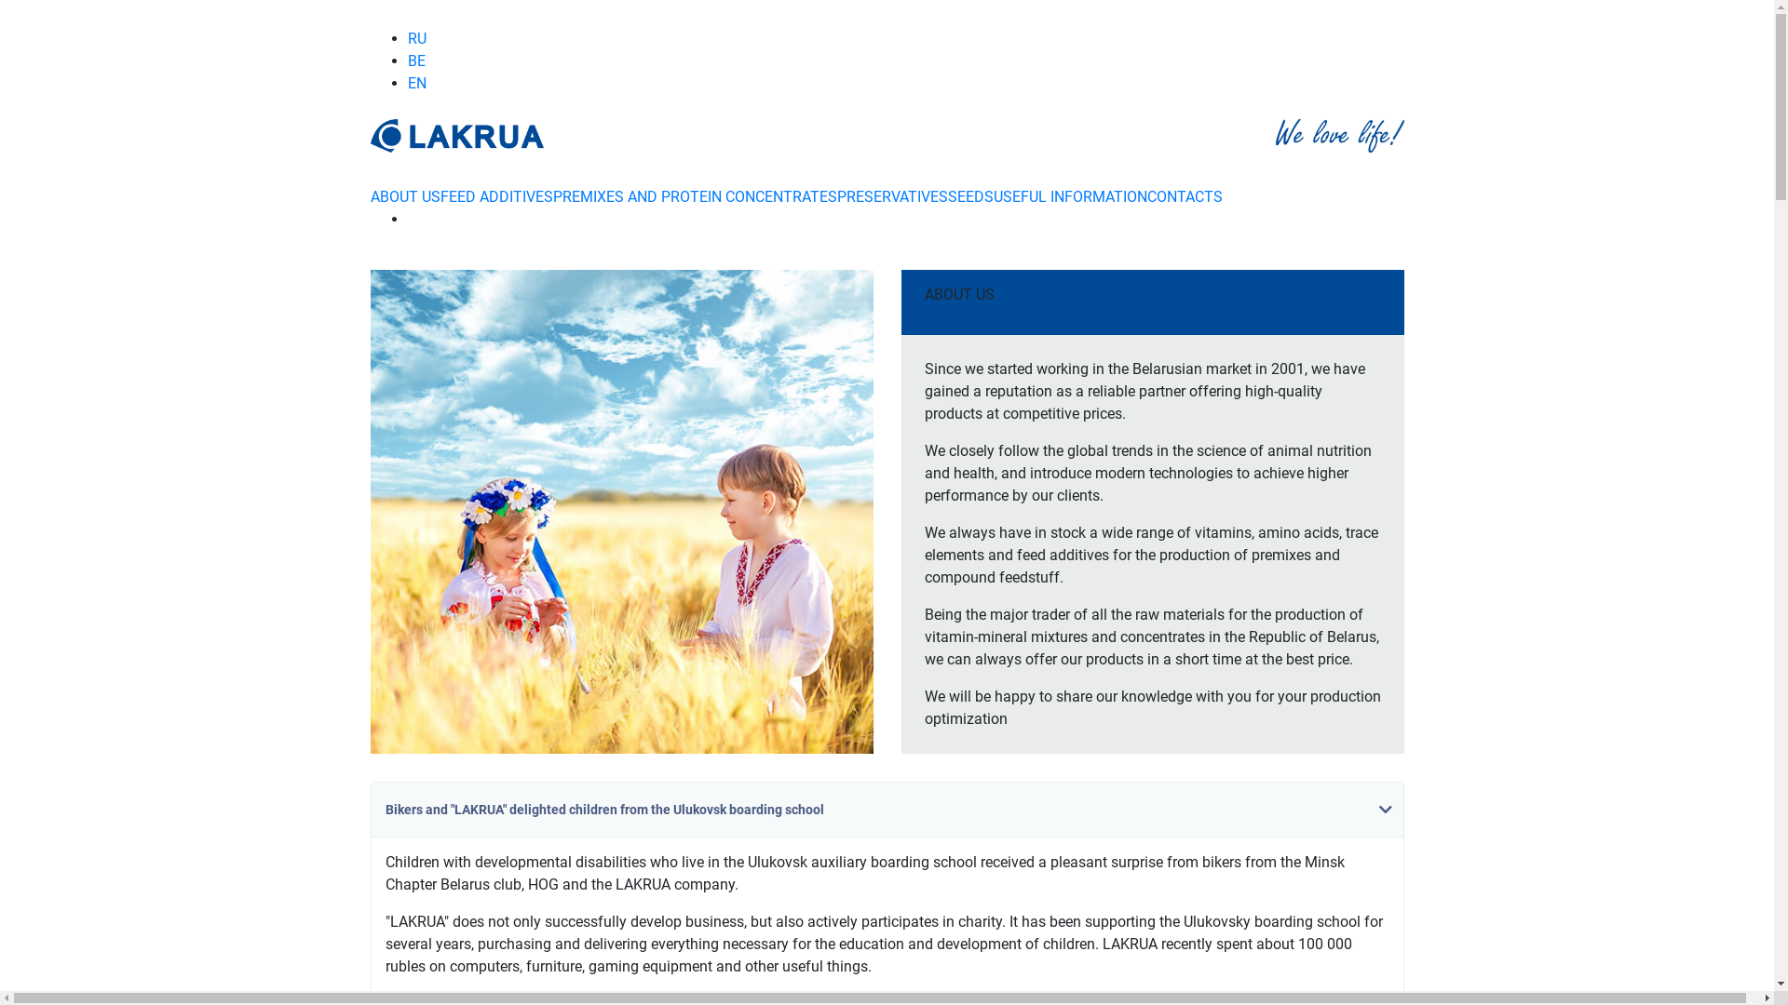 The width and height of the screenshot is (1788, 1005). What do you see at coordinates (415, 60) in the screenshot?
I see `'BE'` at bounding box center [415, 60].